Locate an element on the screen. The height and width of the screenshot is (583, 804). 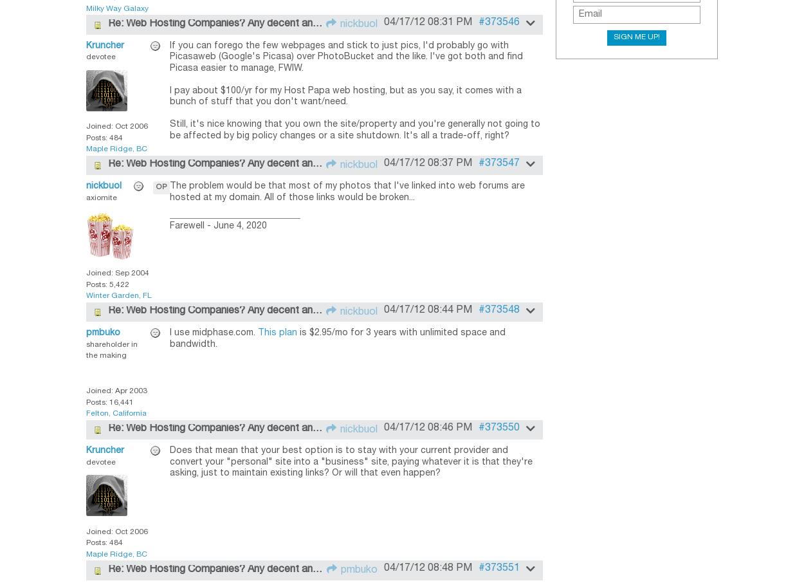
'OP' is located at coordinates (161, 187).